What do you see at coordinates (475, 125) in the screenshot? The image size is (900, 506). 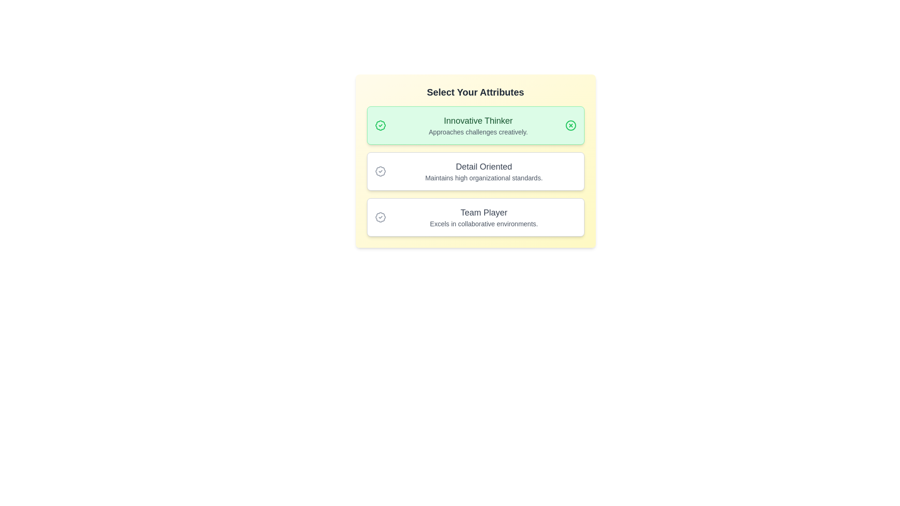 I see `the badge Innovative Thinker` at bounding box center [475, 125].